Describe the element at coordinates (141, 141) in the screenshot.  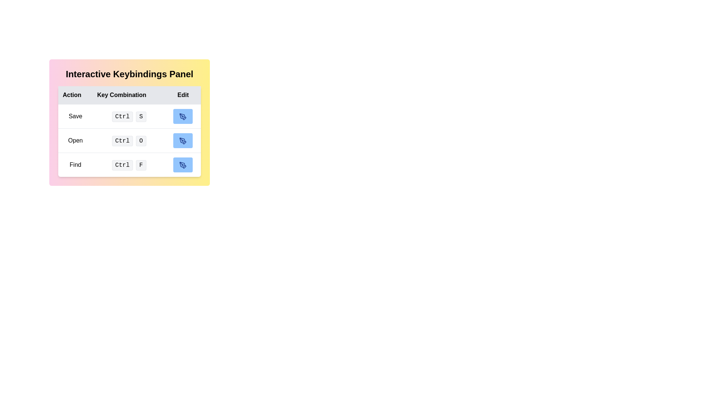
I see `the small rectangular button with rounded corners, featuring a light gray background, a thin border, and a centered bold black letter 'O', located in the 'Interactive Keybindings Panel' to the right of the 'Ctrl' button` at that location.